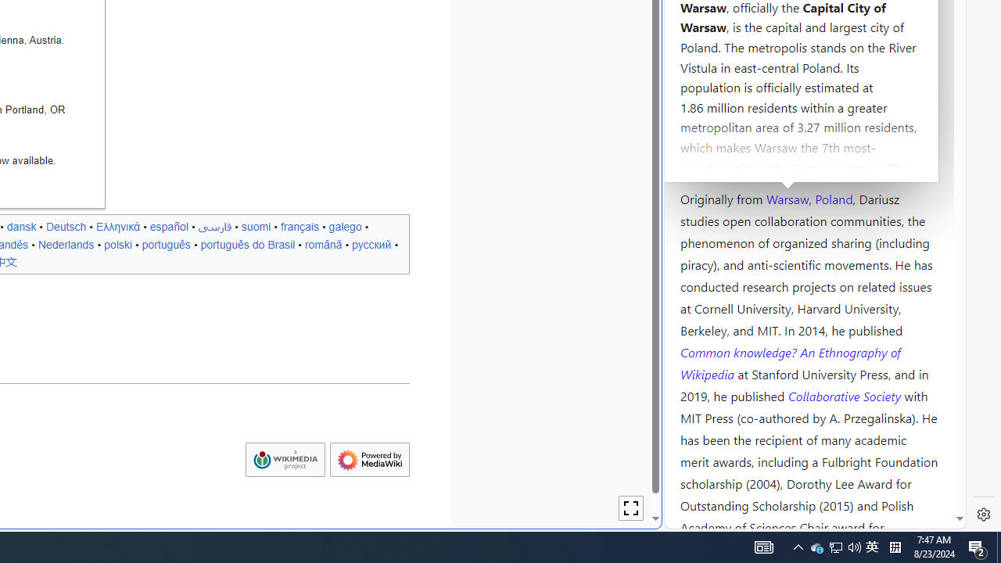 The width and height of the screenshot is (1001, 563). I want to click on 'Warsaw', so click(787, 197).